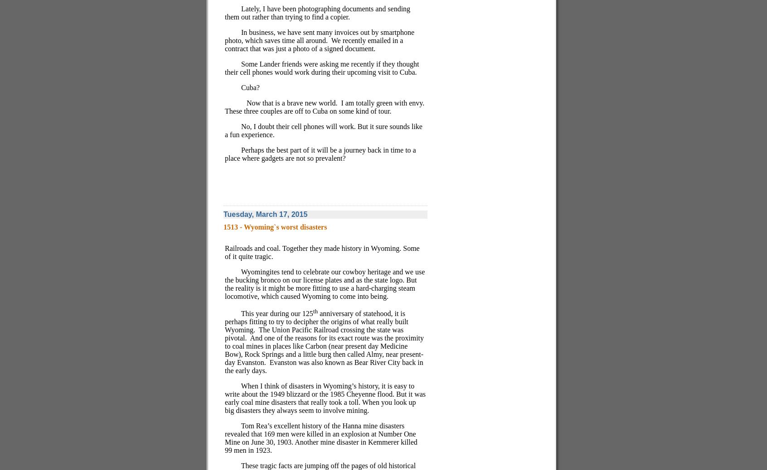 This screenshot has height=470, width=767. I want to click on 'anniversary of statehood, it is perhaps fitting to
try to decipher the origins of what really built Wyoming.', so click(316, 321).